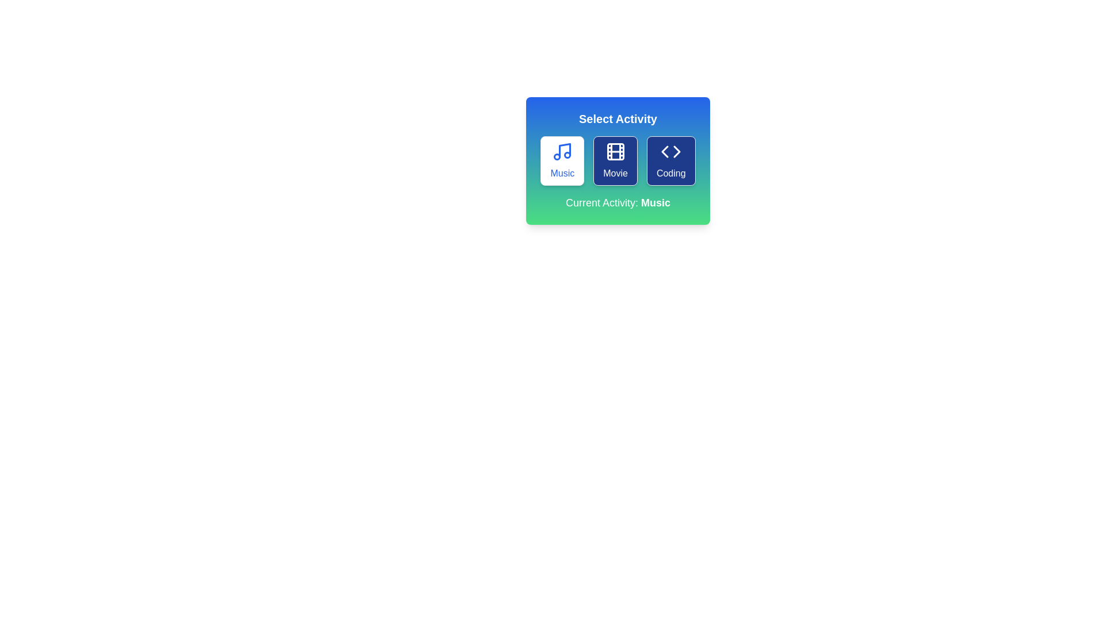  I want to click on the button corresponding to the activity Coding, so click(671, 161).